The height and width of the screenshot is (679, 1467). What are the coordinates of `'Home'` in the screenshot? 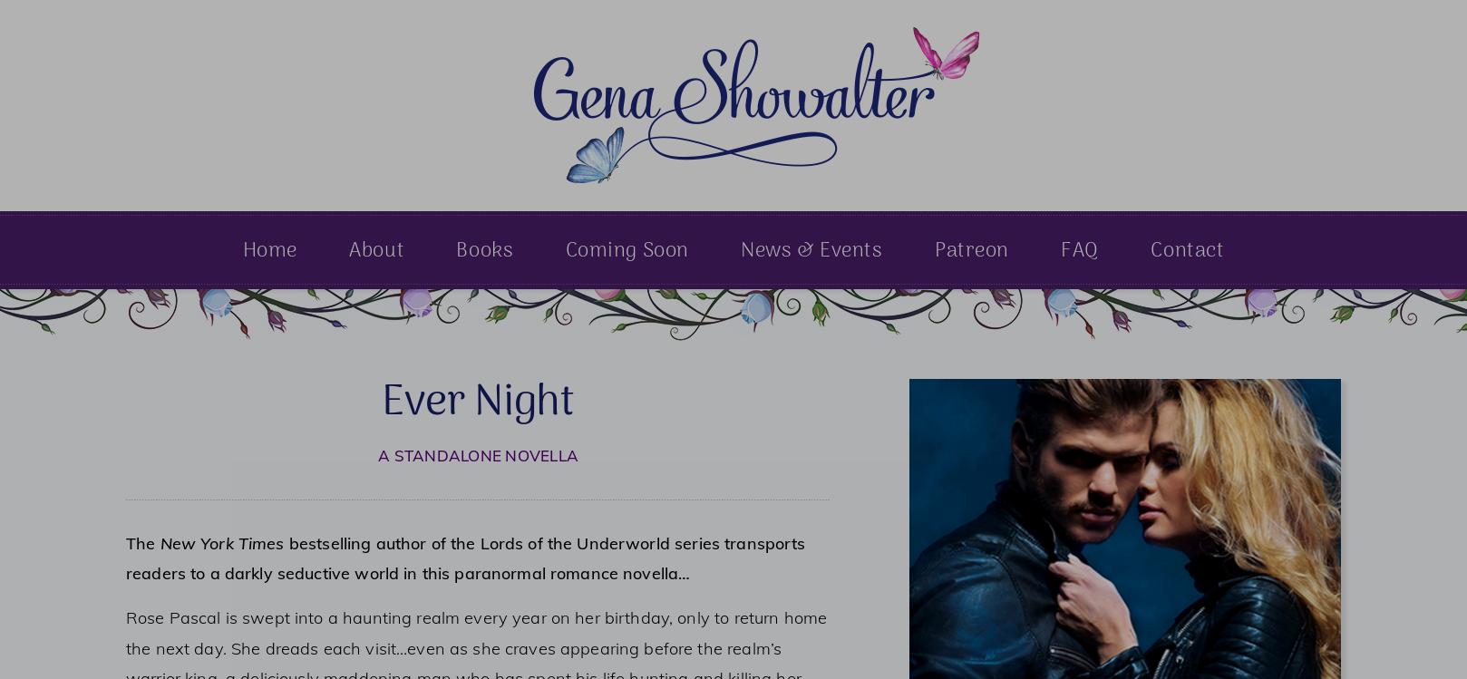 It's located at (269, 250).